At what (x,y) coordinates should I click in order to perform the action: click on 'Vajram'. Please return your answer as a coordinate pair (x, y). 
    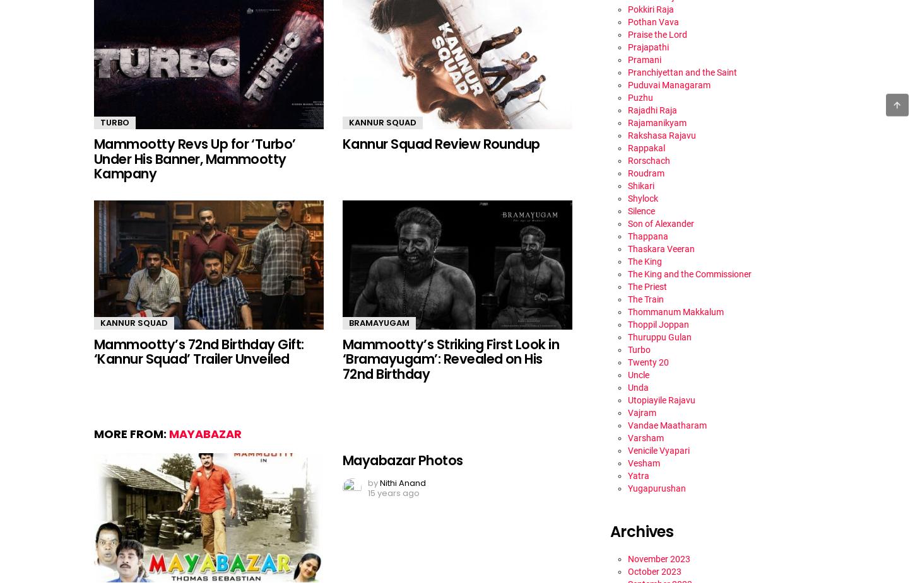
    Looking at the image, I should click on (642, 412).